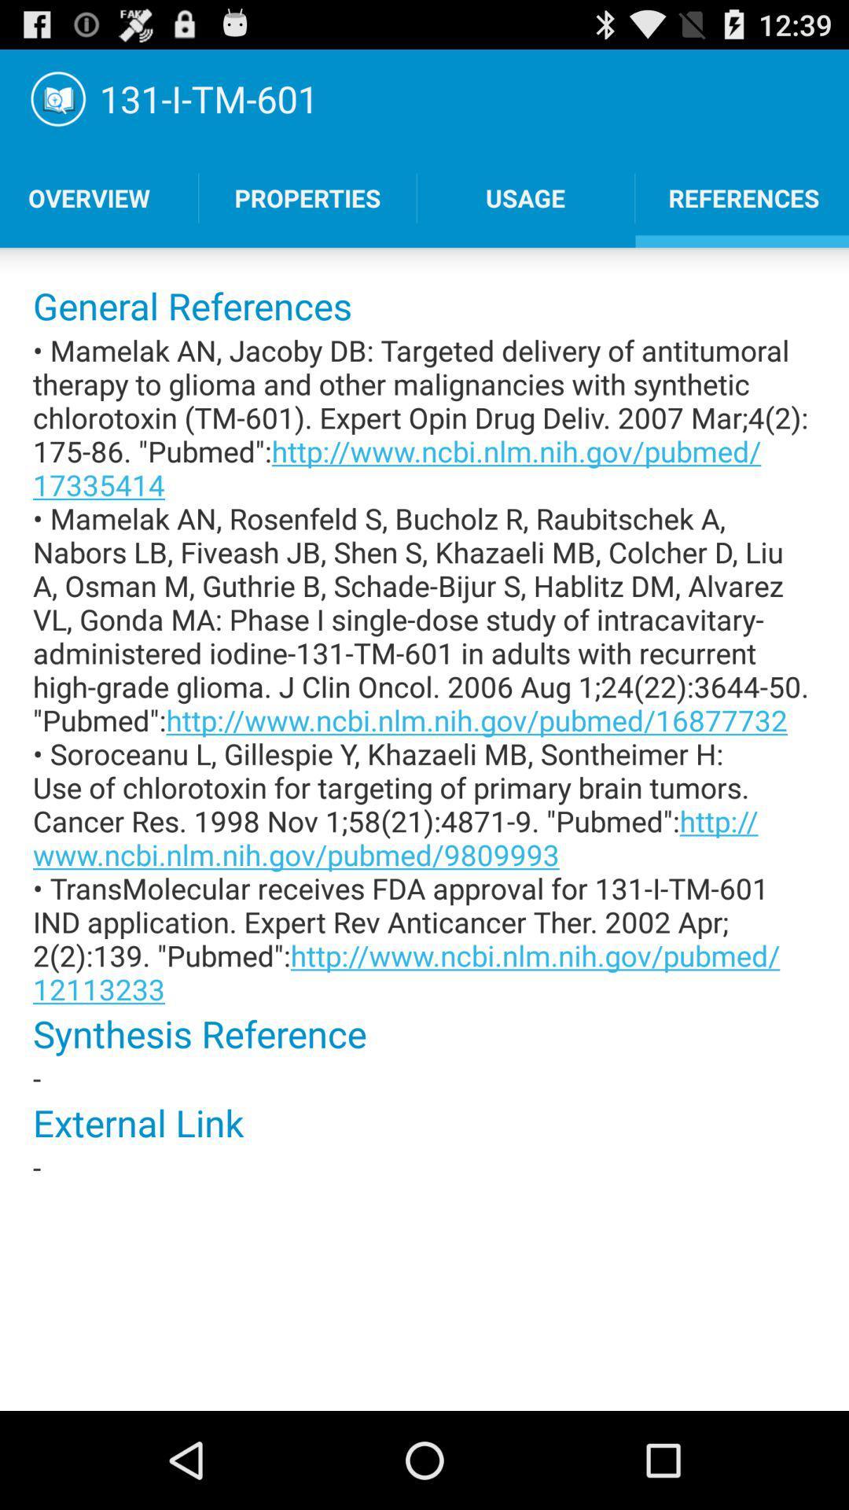 This screenshot has height=1510, width=849. What do you see at coordinates (424, 669) in the screenshot?
I see `mamelak an jacoby at the center` at bounding box center [424, 669].